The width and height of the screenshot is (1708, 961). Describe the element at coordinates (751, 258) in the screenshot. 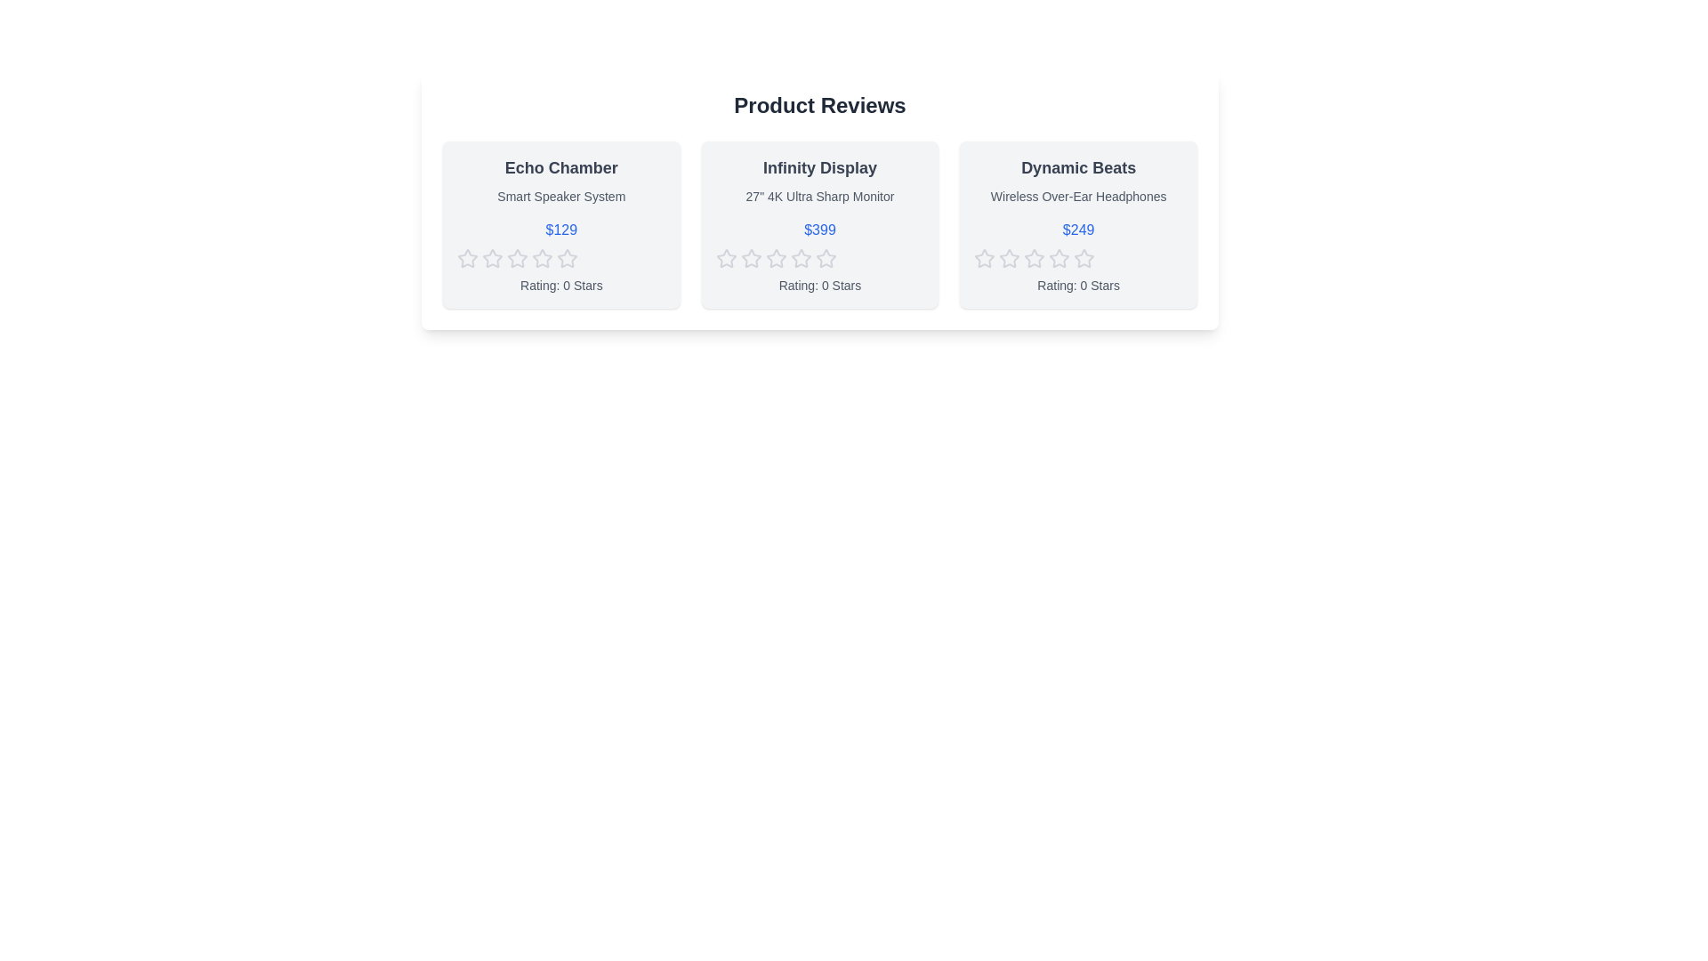

I see `the first Rating Star Icon in the five-star rating bar under the product titled 'Infinity Display'` at that location.